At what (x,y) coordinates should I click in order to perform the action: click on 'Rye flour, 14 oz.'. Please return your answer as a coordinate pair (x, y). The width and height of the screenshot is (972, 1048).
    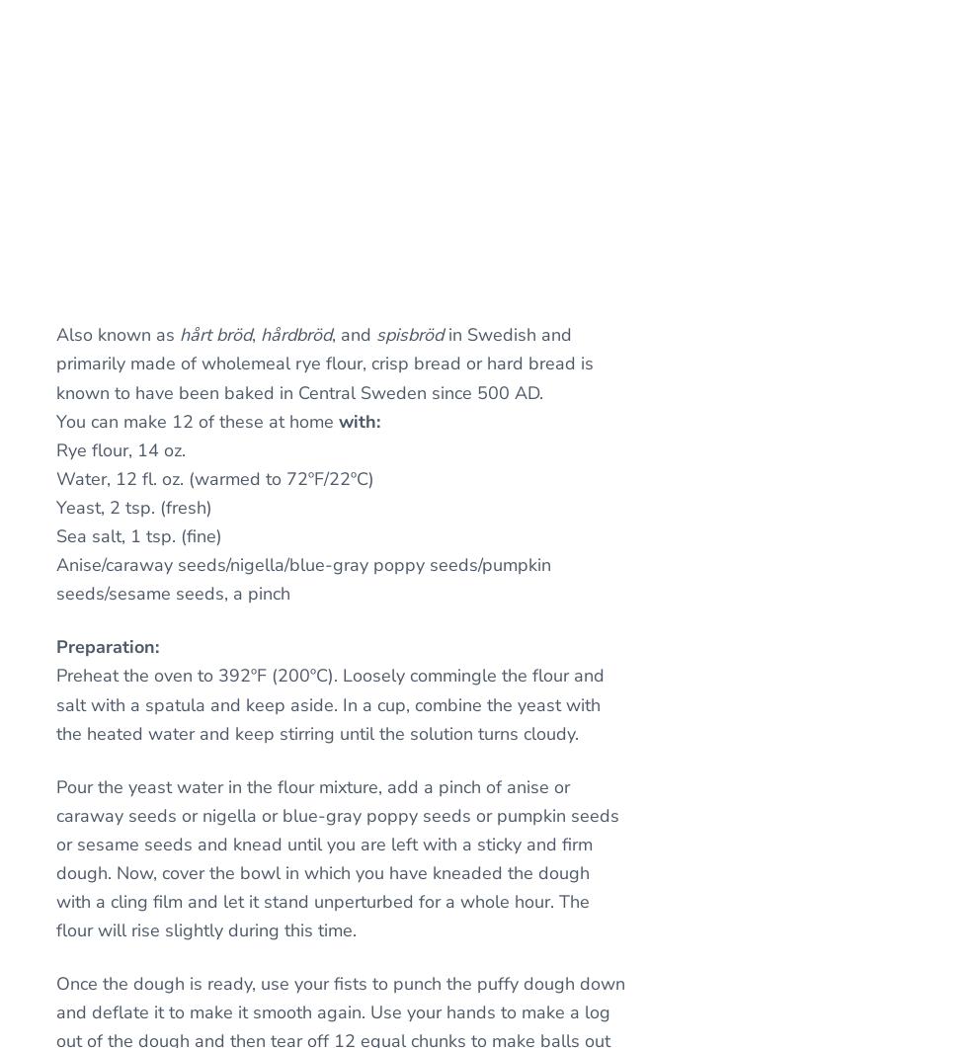
    Looking at the image, I should click on (54, 448).